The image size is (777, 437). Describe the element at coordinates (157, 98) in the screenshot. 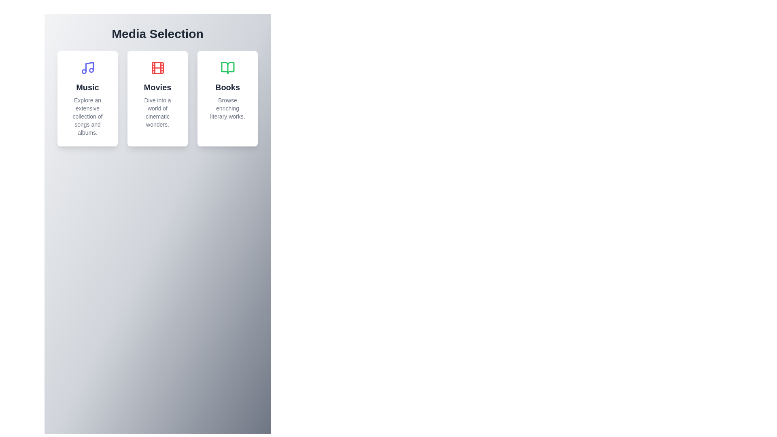

I see `the Grid layout element located below the 'Media Selection' heading, which contains cards for 'Music', 'Movies', and 'Books'` at that location.